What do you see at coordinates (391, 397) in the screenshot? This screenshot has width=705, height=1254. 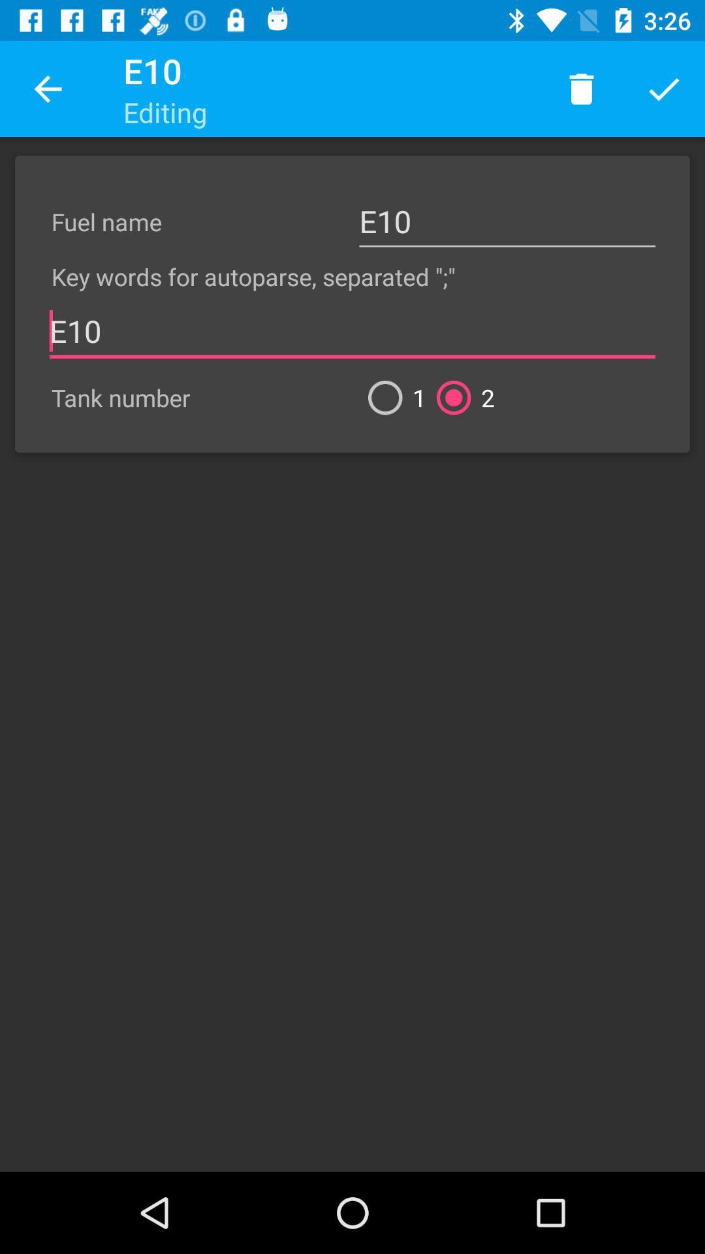 I see `the icon below e10 item` at bounding box center [391, 397].